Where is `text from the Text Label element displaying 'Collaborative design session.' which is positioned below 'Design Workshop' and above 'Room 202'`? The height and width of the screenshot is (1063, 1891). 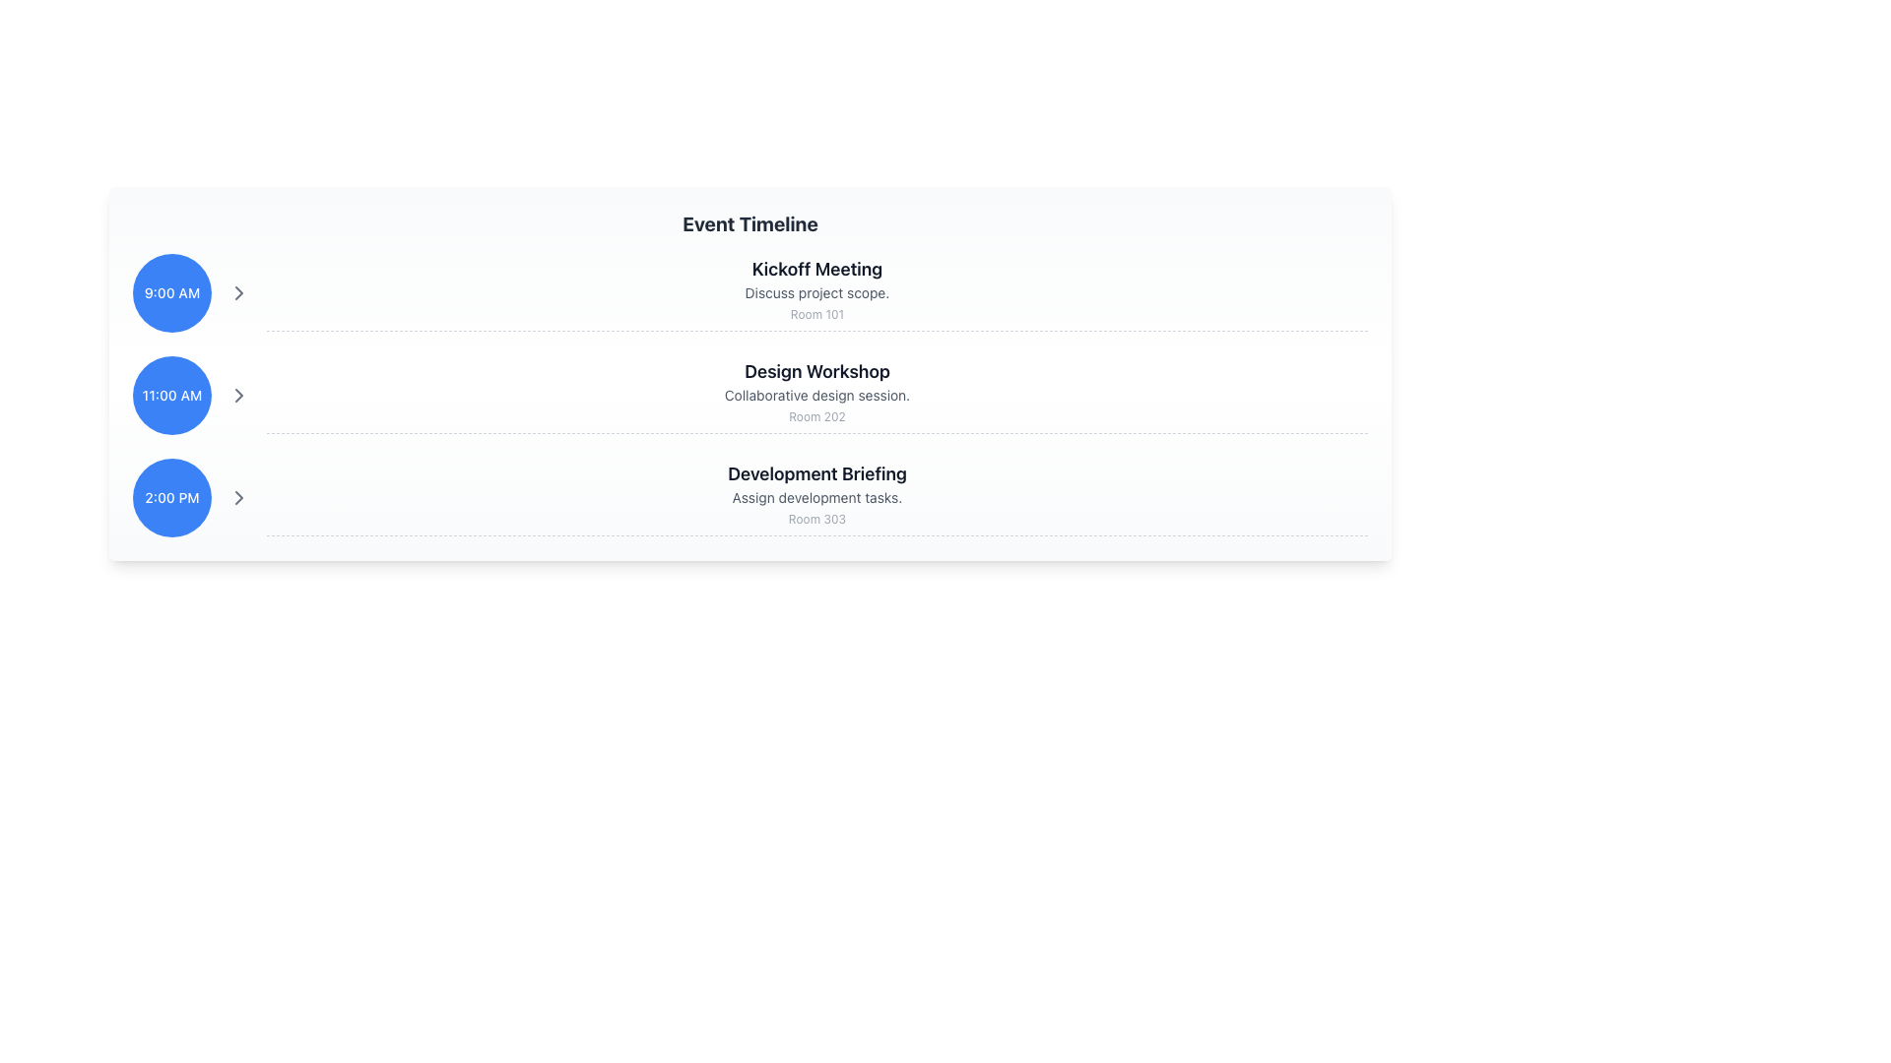 text from the Text Label element displaying 'Collaborative design session.' which is positioned below 'Design Workshop' and above 'Room 202' is located at coordinates (817, 395).